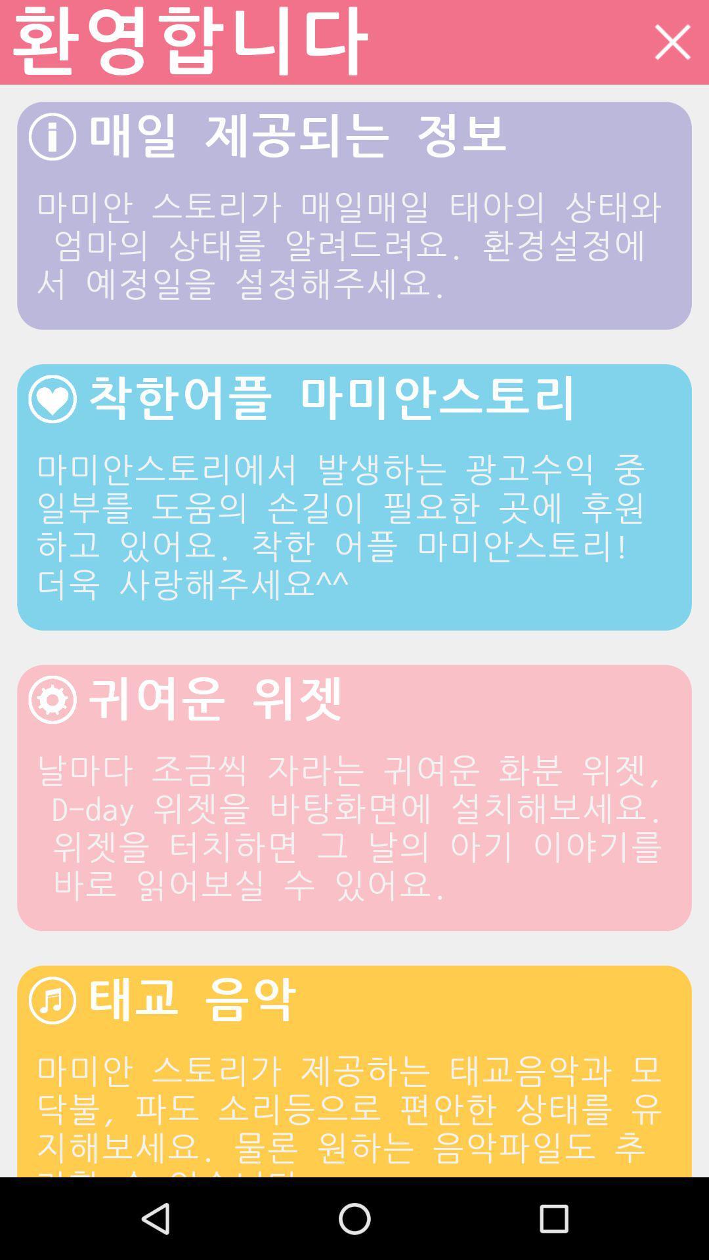 The image size is (709, 1260). Describe the element at coordinates (672, 45) in the screenshot. I see `the close icon` at that location.